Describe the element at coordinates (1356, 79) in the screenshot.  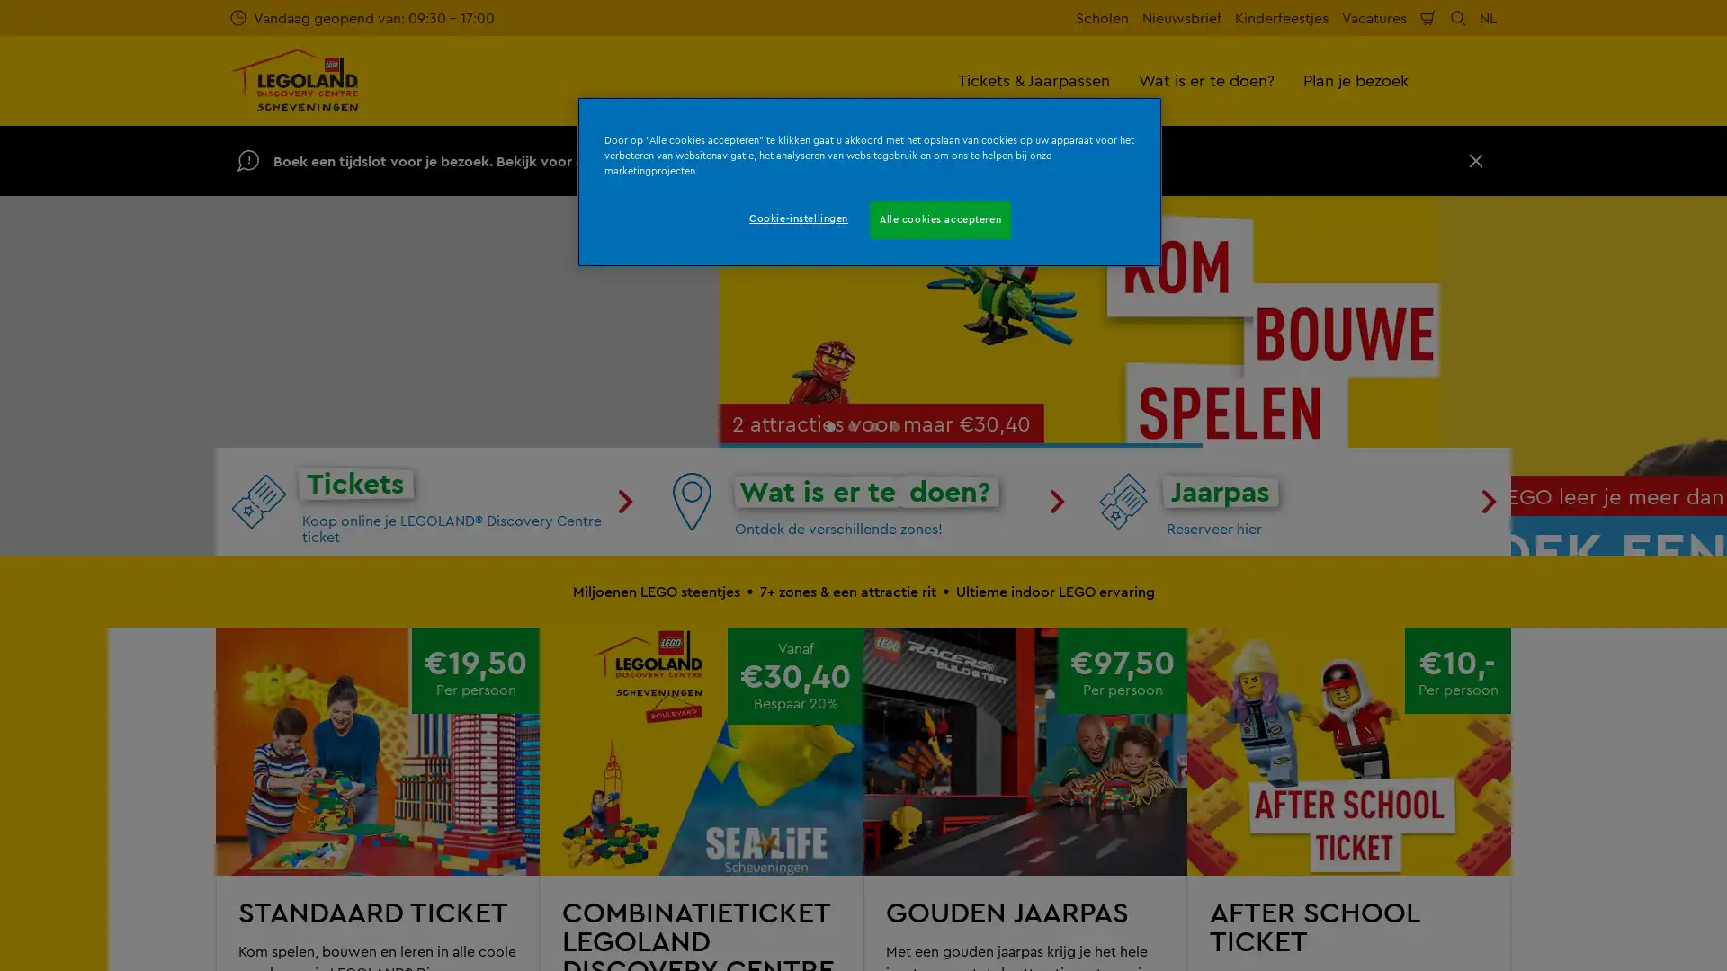
I see `Plan je bezoek` at that location.